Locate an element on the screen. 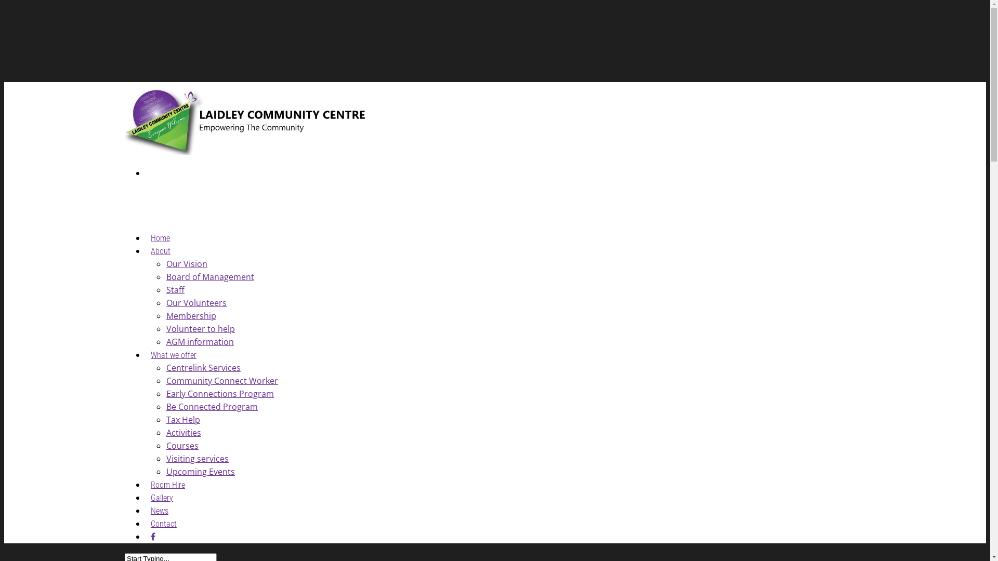 The height and width of the screenshot is (561, 998). 'News' is located at coordinates (145, 513).